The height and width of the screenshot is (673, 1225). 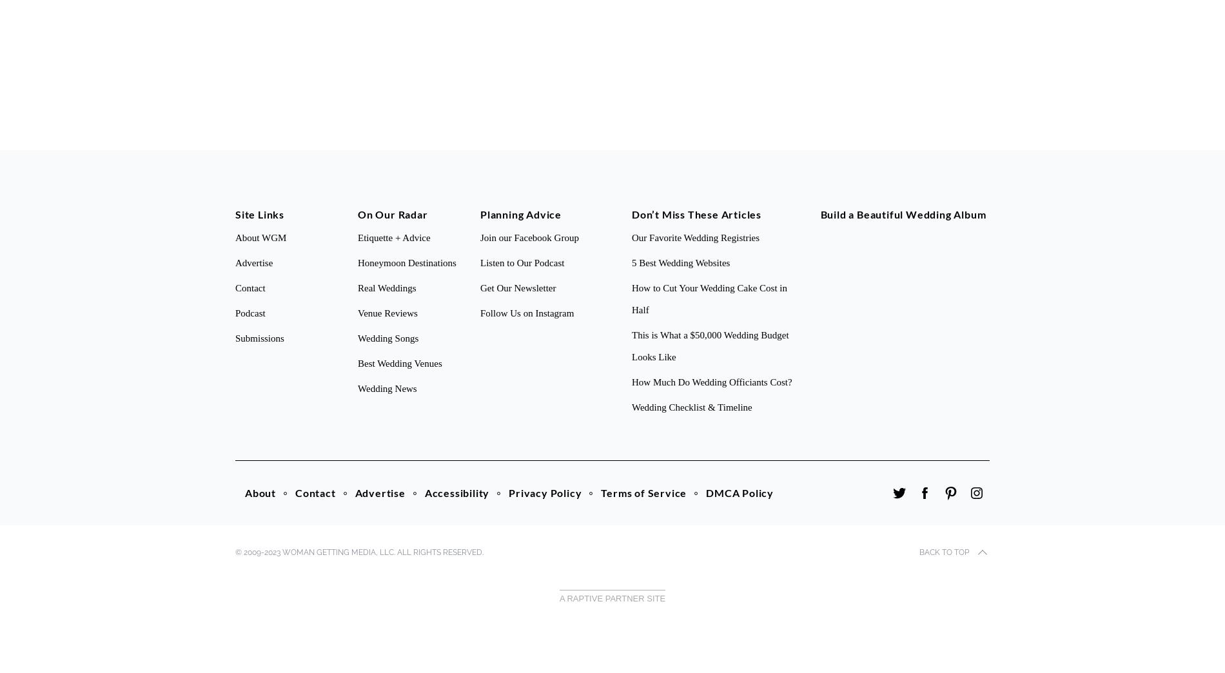 I want to click on 'Honeymoon Destinations', so click(x=357, y=262).